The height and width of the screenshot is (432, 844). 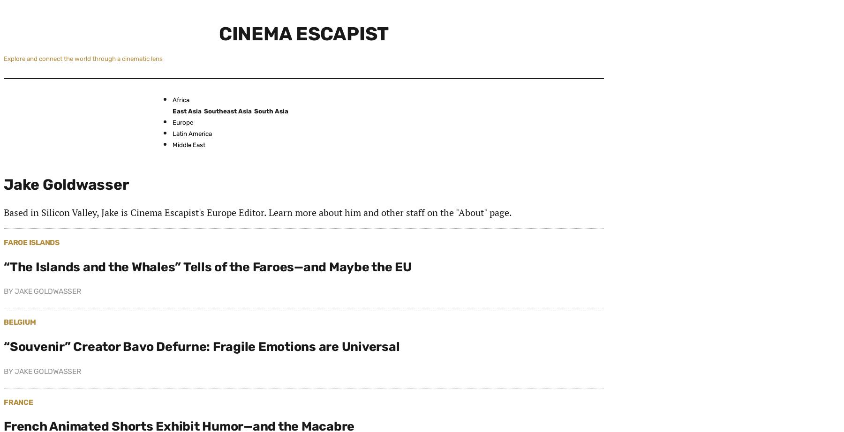 I want to click on 'South Asia', so click(x=271, y=110).